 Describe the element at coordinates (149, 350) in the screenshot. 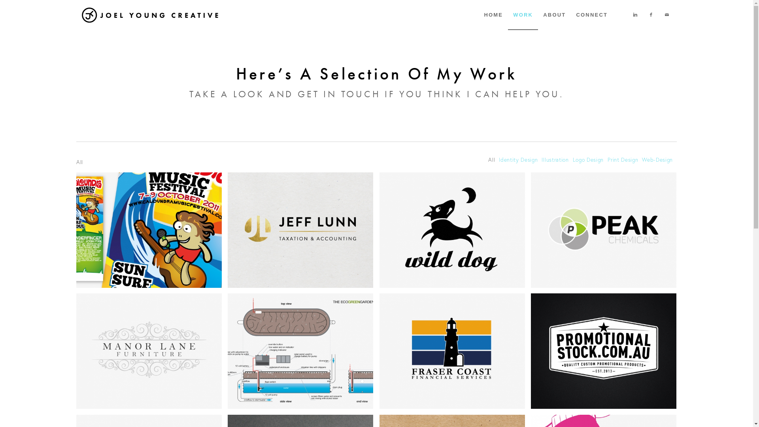

I see `'manorlane-logo'` at that location.